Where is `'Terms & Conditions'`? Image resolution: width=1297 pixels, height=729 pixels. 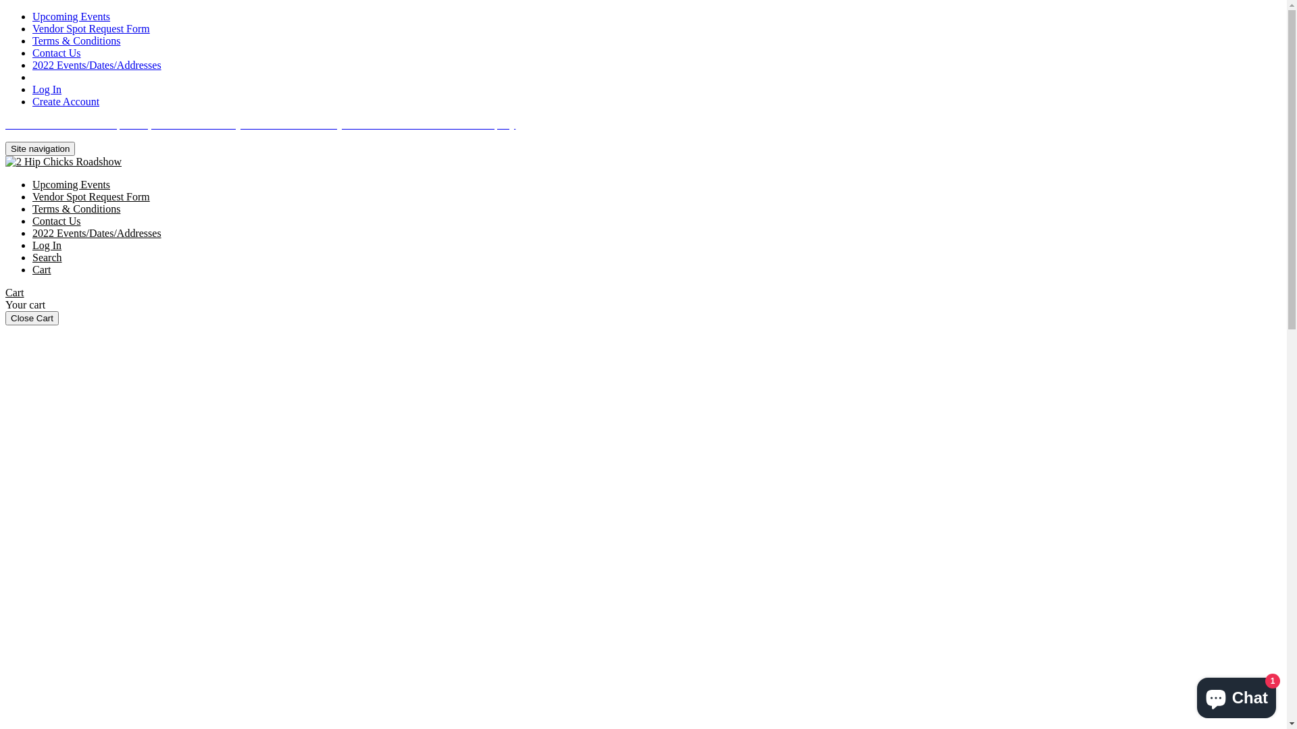
'Terms & Conditions' is located at coordinates (76, 40).